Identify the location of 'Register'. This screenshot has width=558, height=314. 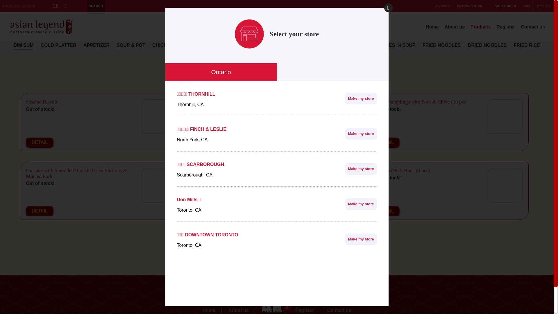
(505, 27).